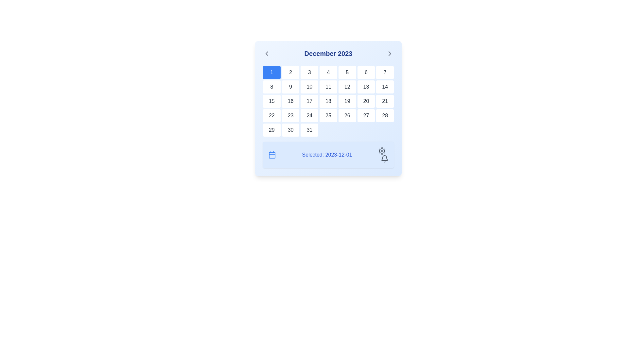  Describe the element at coordinates (328, 53) in the screenshot. I see `the title text indicating the currently viewed month and year in the calendar interface, located in the upper-central part of the calendar` at that location.